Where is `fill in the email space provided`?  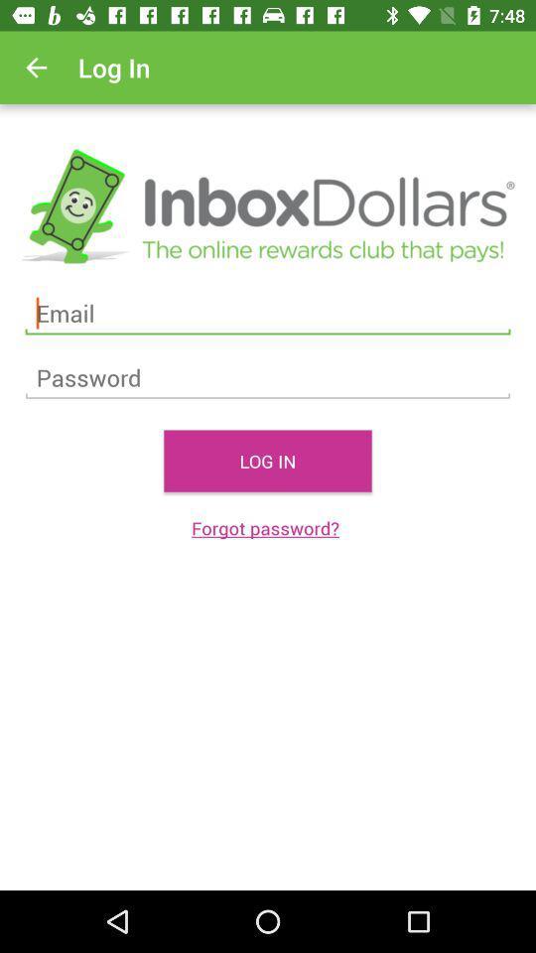 fill in the email space provided is located at coordinates (268, 314).